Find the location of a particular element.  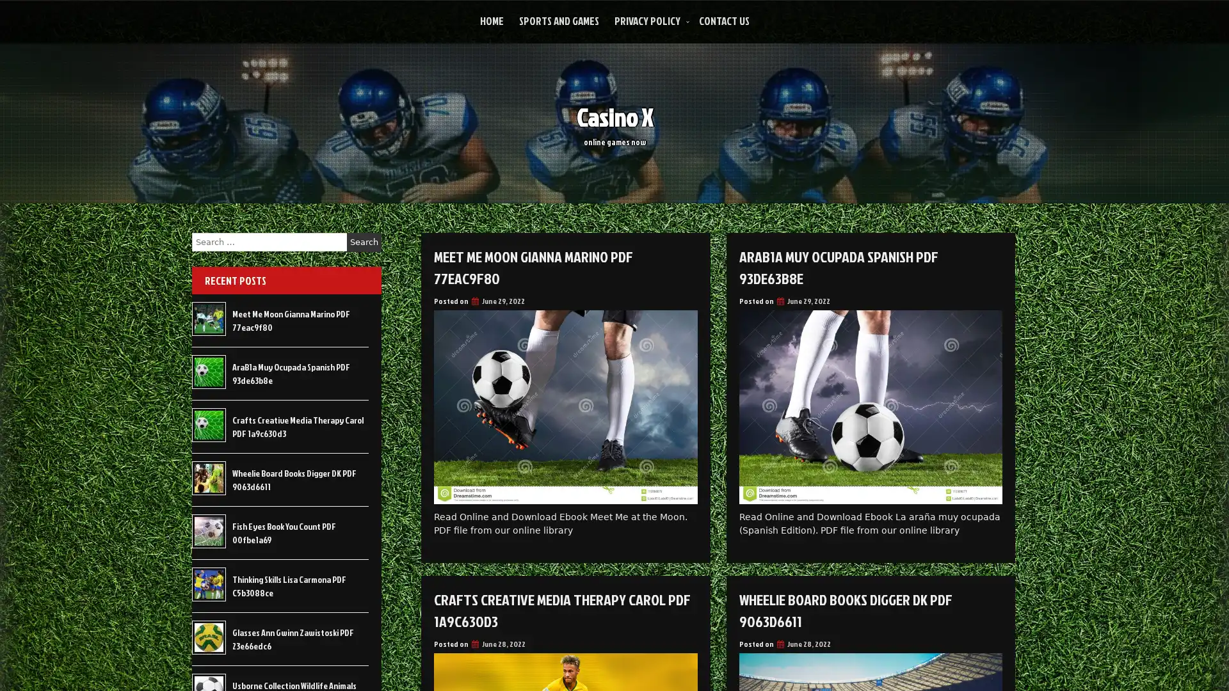

Search is located at coordinates (364, 242).